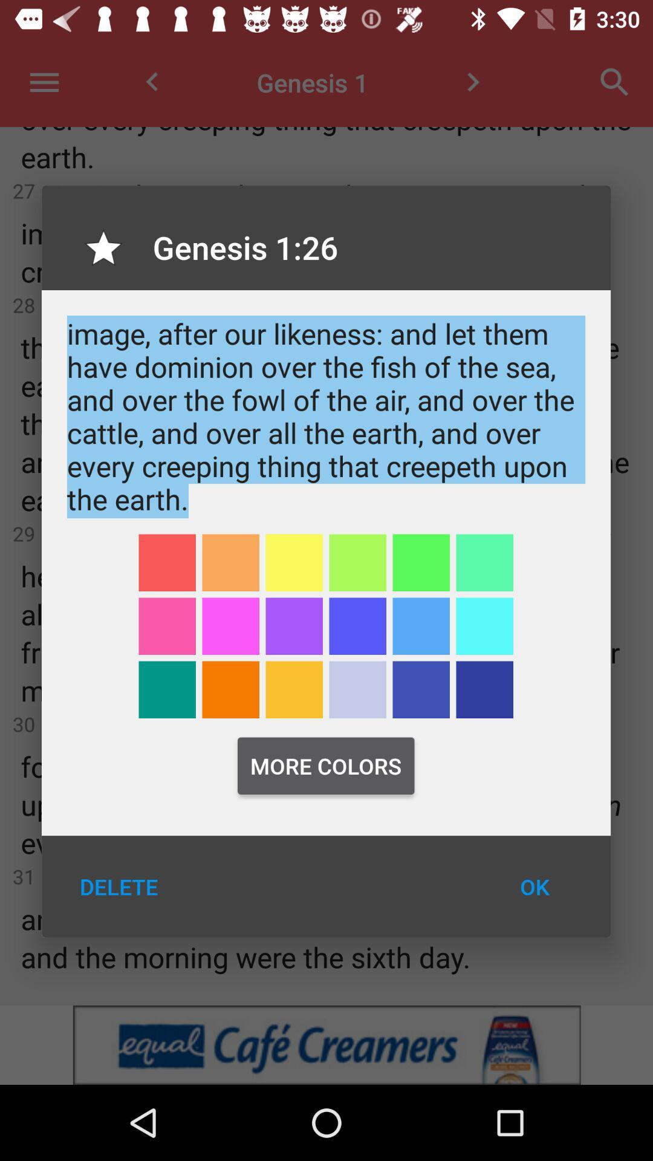 This screenshot has height=1161, width=653. What do you see at coordinates (357, 626) in the screenshot?
I see `color blue for highlighting words` at bounding box center [357, 626].